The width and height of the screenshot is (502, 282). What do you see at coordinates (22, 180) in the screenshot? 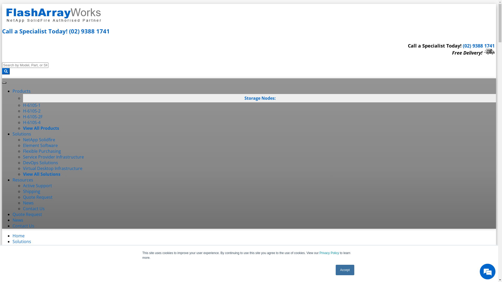
I see `'Resources'` at bounding box center [22, 180].